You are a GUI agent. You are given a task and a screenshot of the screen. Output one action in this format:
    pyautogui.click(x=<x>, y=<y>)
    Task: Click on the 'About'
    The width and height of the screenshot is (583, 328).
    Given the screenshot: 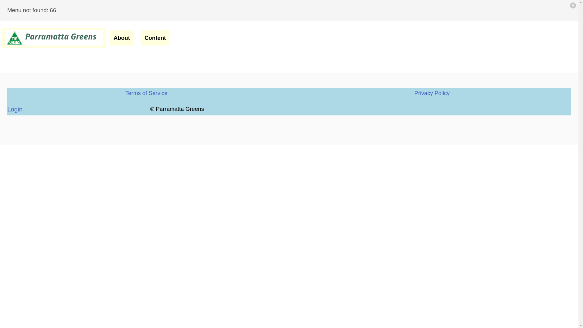 What is the action you would take?
    pyautogui.click(x=121, y=38)
    